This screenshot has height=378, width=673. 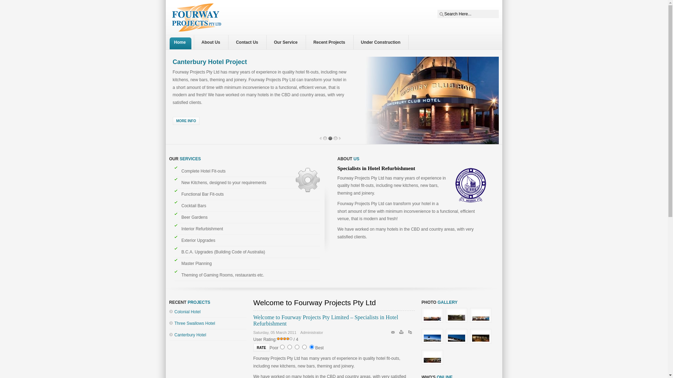 What do you see at coordinates (402, 333) in the screenshot?
I see `'Print'` at bounding box center [402, 333].